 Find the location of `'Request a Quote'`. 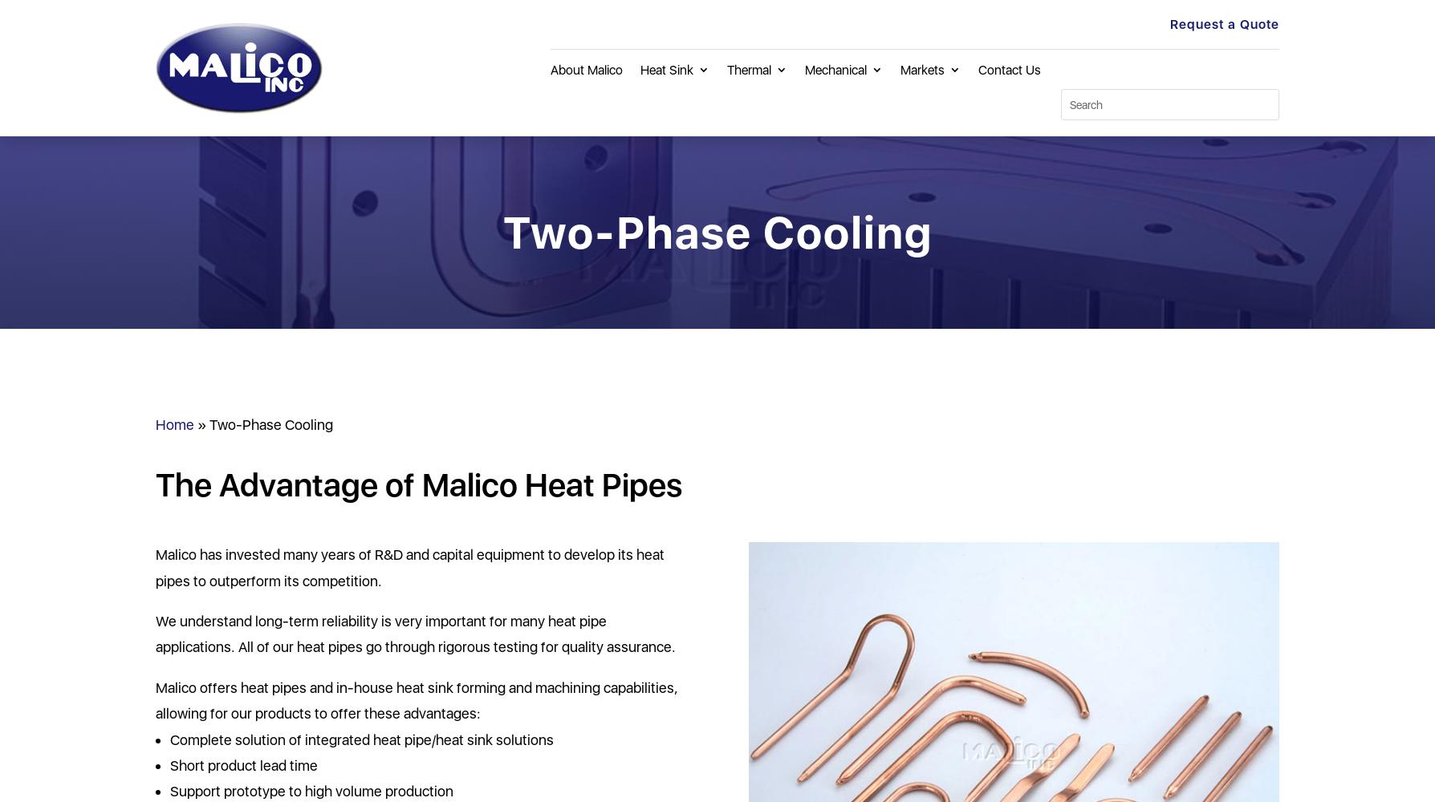

'Request a Quote' is located at coordinates (1223, 24).